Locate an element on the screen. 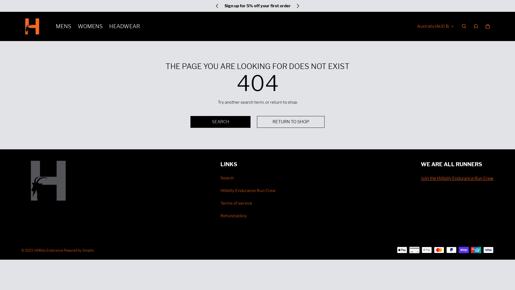  'MENS' is located at coordinates (56, 26).